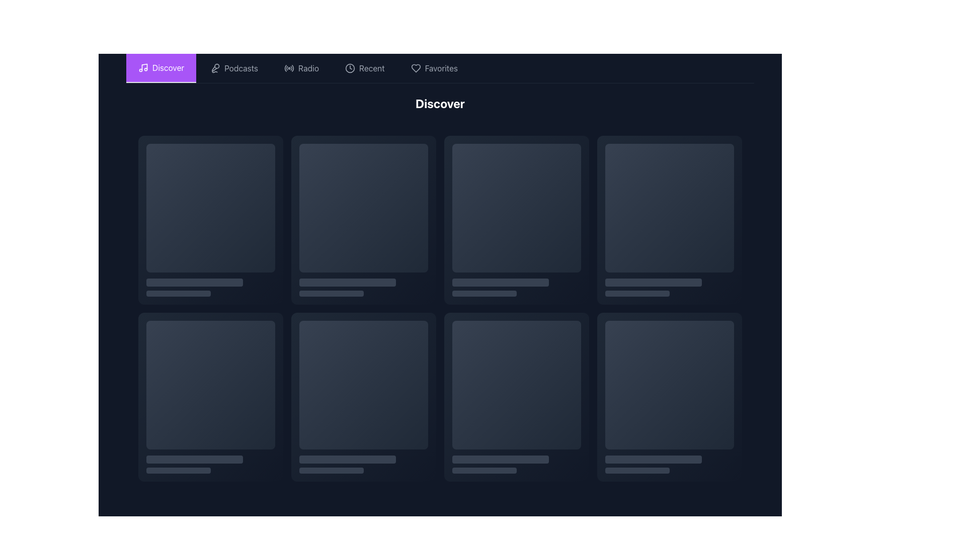  What do you see at coordinates (440, 68) in the screenshot?
I see `labels from the Navigation bar located at the top of the interface, featuring options like 'Discover', 'Podcasts', 'Radio', 'Recent', and 'Favorites'` at bounding box center [440, 68].